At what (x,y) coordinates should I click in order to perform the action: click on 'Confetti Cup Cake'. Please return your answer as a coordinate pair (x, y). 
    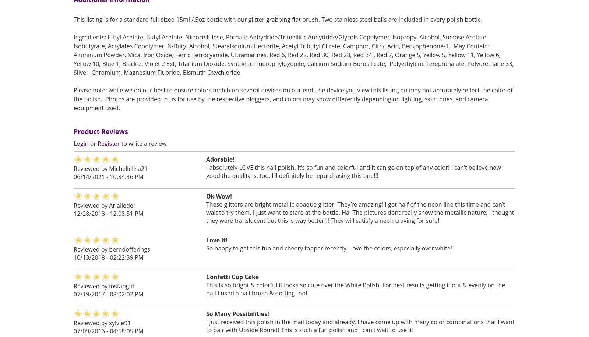
    Looking at the image, I should click on (232, 277).